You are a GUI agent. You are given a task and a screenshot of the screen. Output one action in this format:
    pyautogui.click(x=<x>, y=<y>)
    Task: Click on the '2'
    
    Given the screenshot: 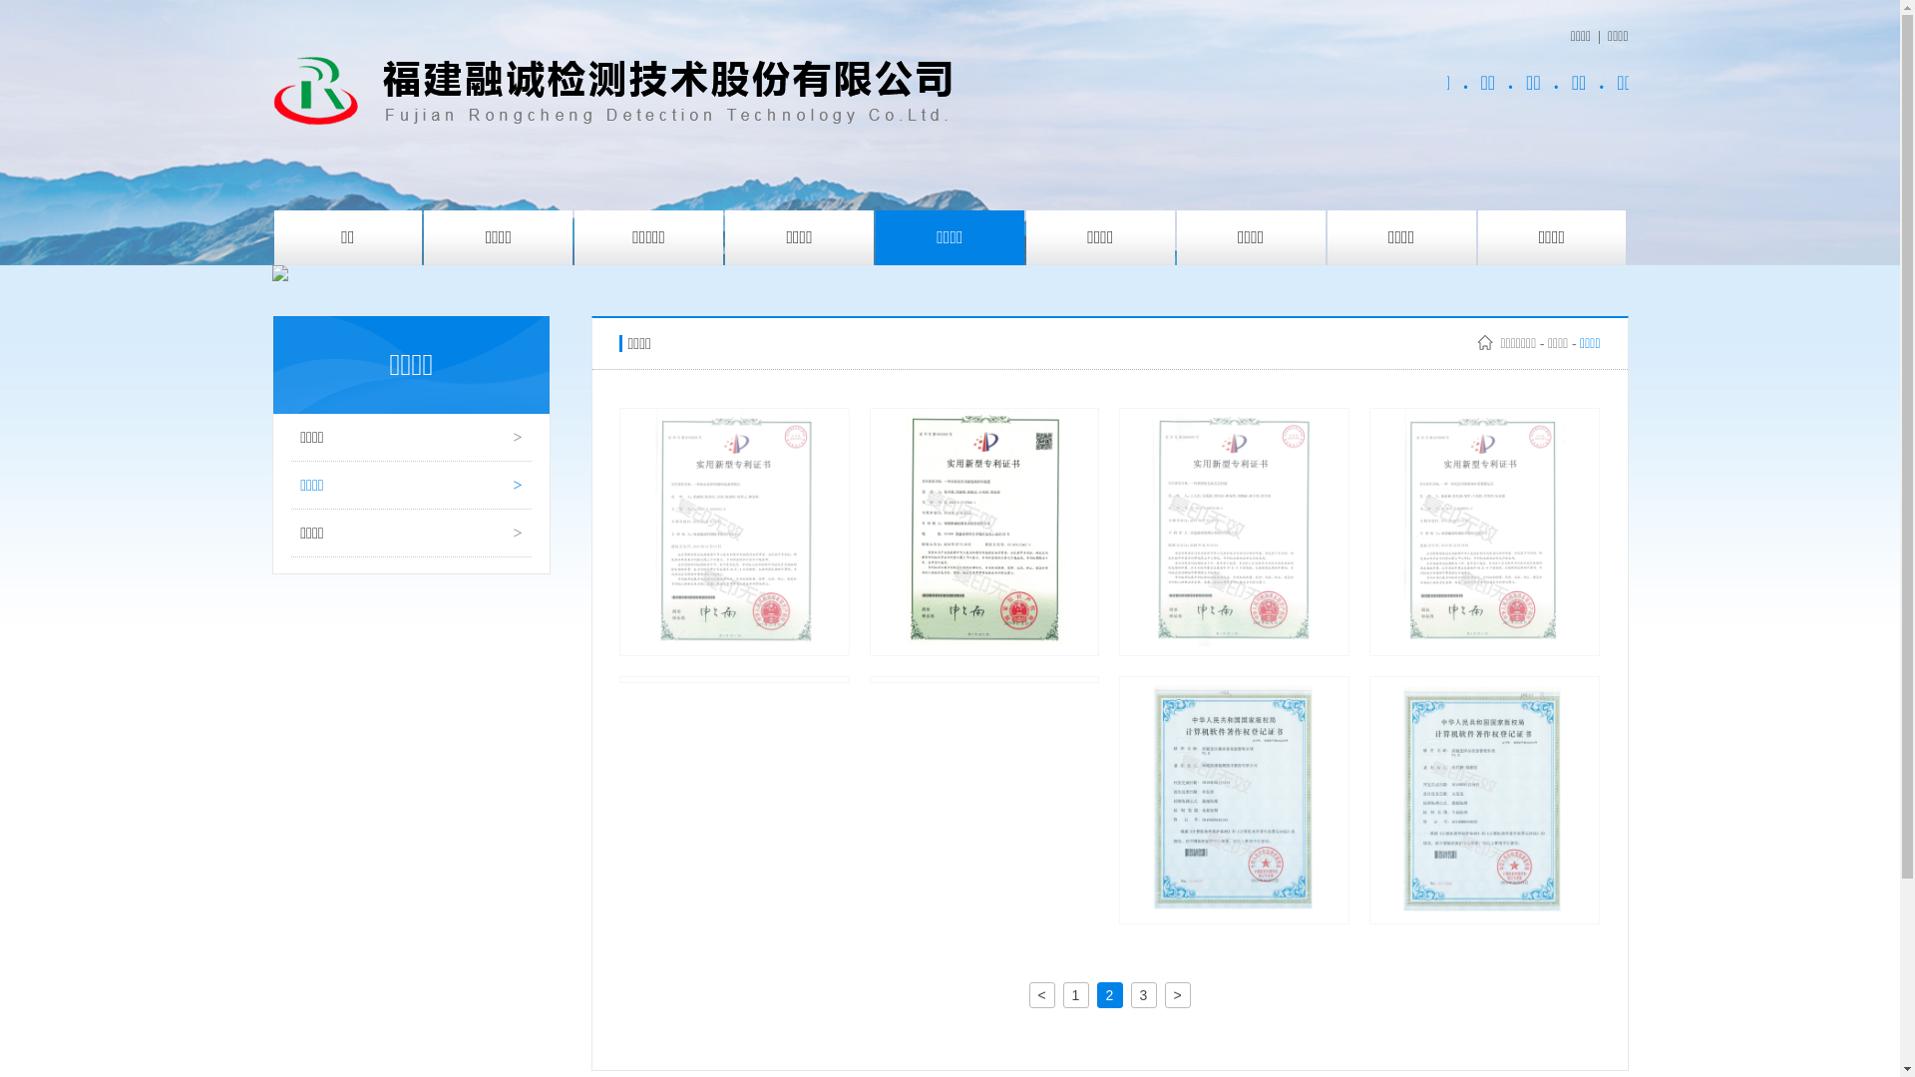 What is the action you would take?
    pyautogui.click(x=1109, y=995)
    